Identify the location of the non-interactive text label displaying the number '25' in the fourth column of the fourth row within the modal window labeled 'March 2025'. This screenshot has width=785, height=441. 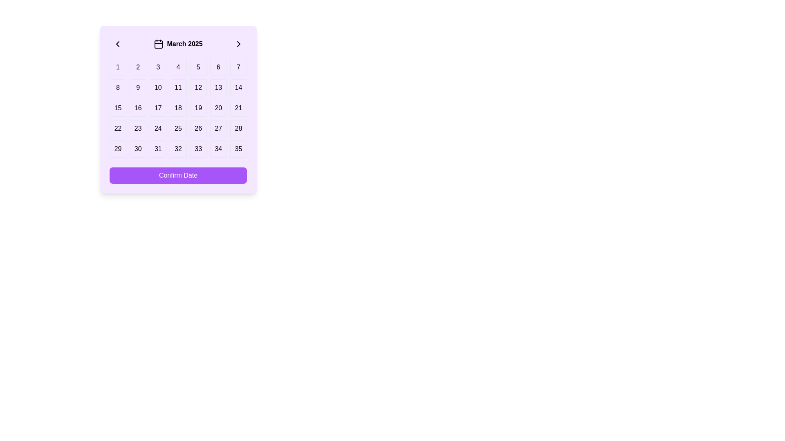
(178, 129).